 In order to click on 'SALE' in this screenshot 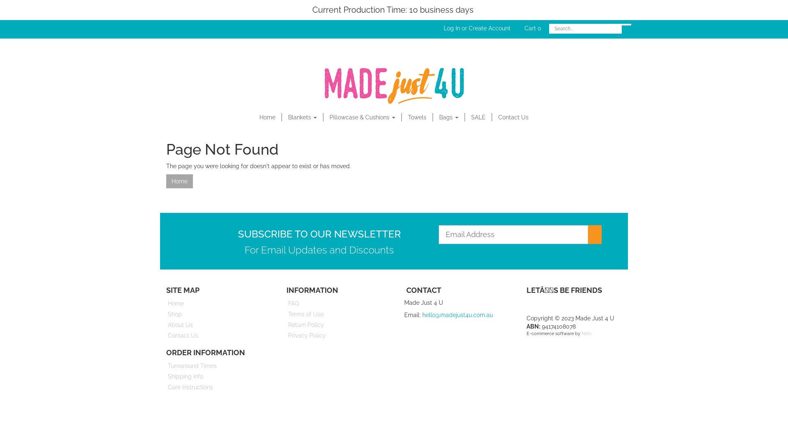, I will do `click(465, 117)`.